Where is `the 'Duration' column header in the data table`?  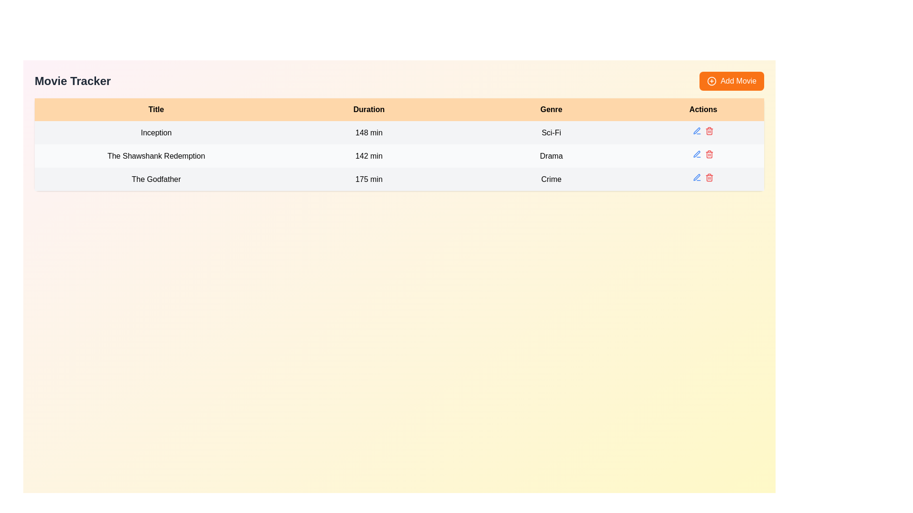 the 'Duration' column header in the data table is located at coordinates (369, 109).